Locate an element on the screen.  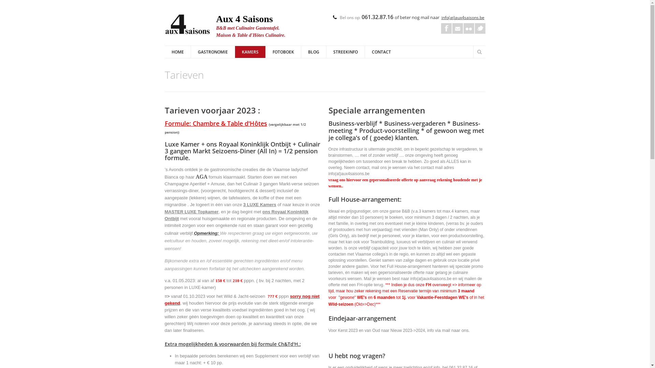
'Mail' is located at coordinates (457, 28).